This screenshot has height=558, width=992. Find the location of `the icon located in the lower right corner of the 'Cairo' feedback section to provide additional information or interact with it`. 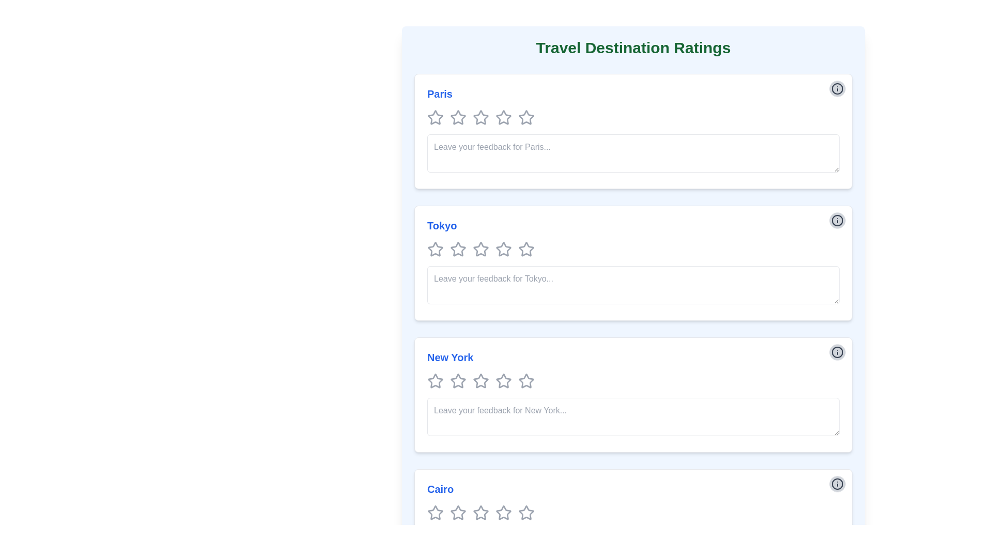

the icon located in the lower right corner of the 'Cairo' feedback section to provide additional information or interact with it is located at coordinates (838, 484).